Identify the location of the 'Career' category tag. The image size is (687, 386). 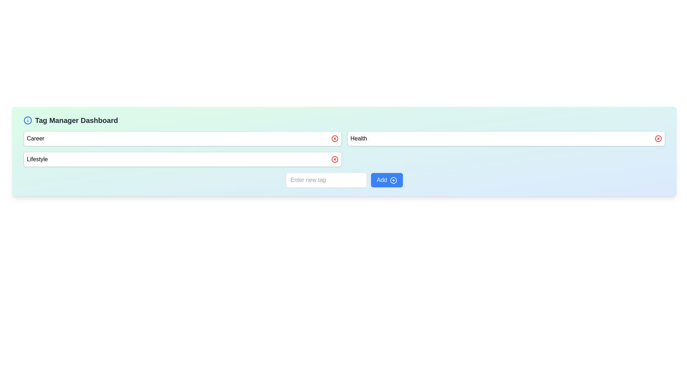
(182, 139).